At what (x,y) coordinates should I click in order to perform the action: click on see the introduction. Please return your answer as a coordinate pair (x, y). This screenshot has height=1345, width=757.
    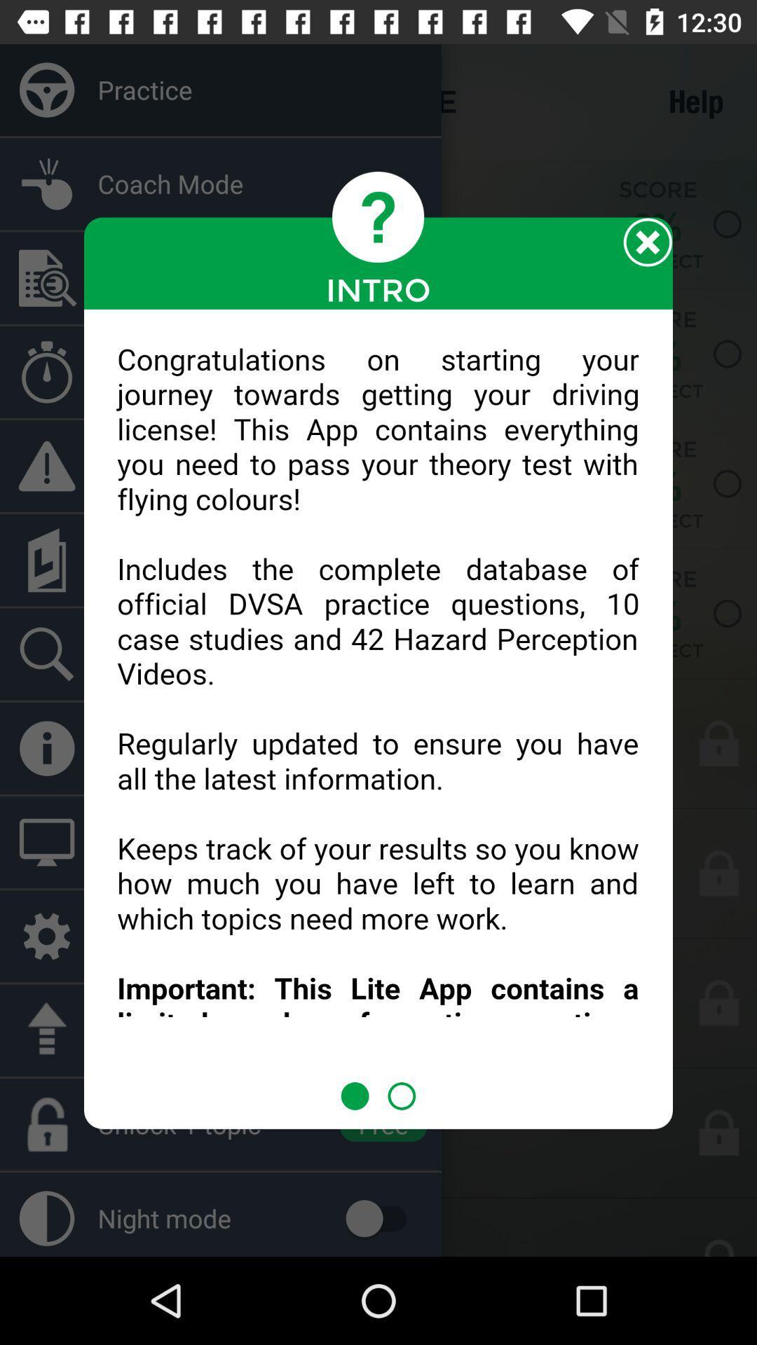
    Looking at the image, I should click on (378, 696).